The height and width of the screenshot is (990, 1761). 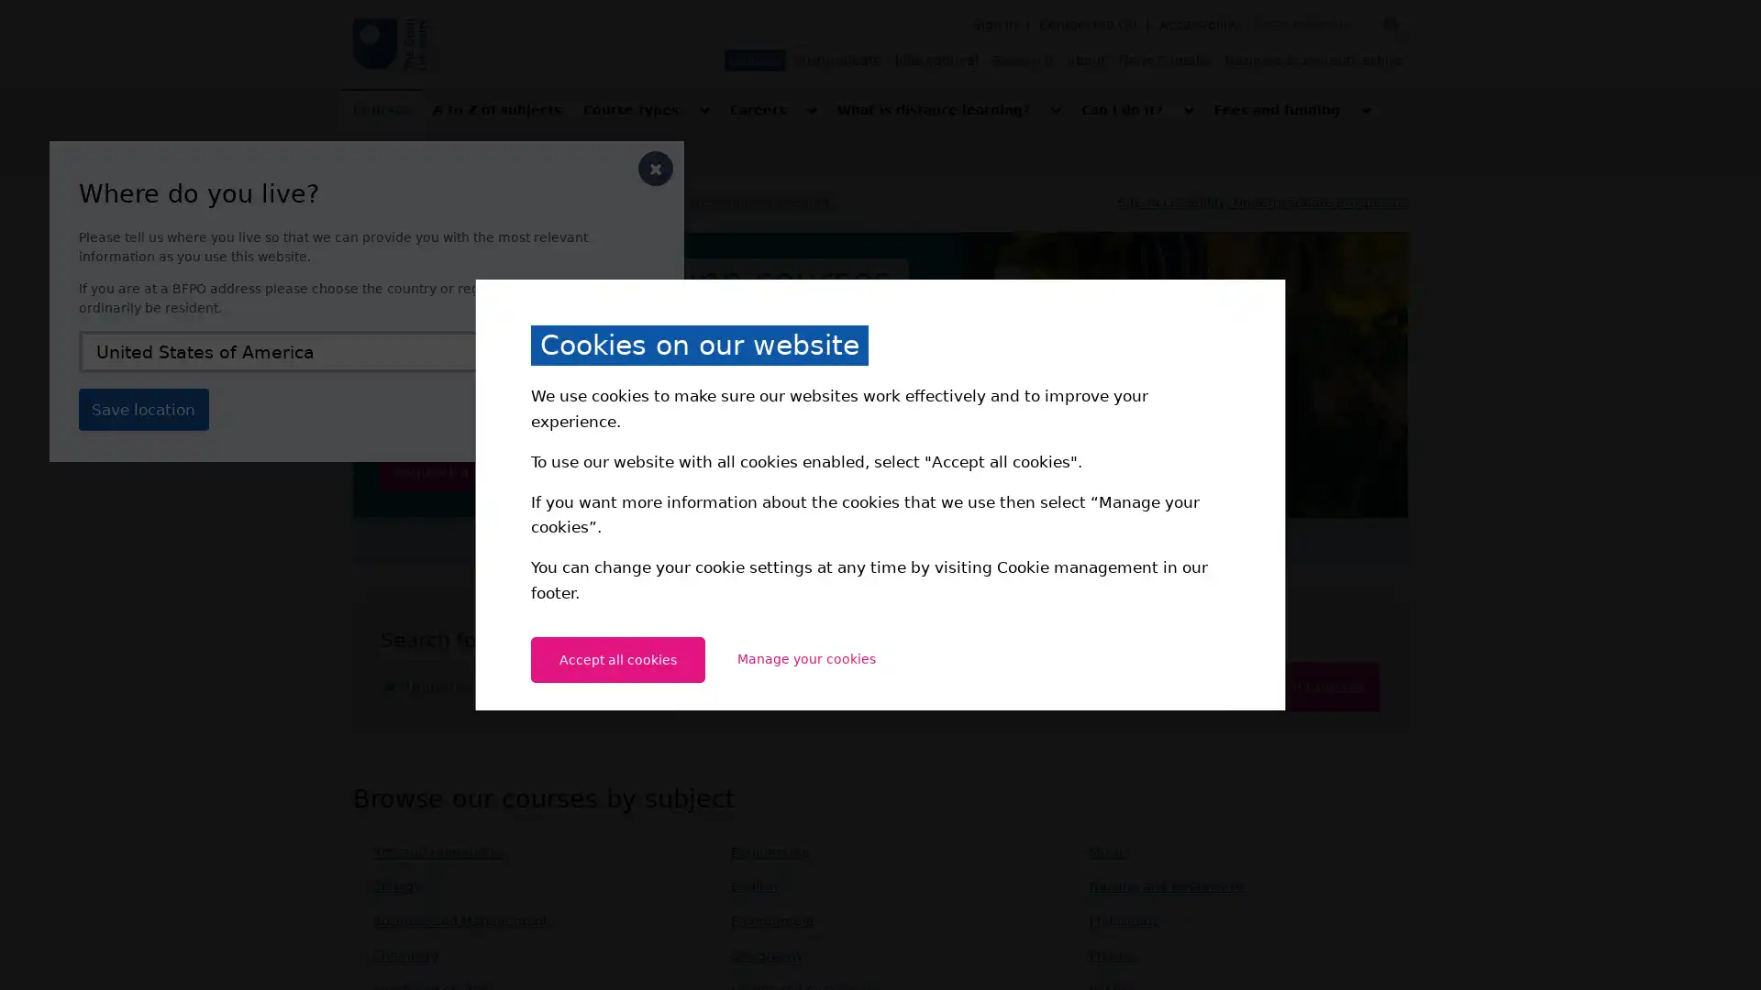 What do you see at coordinates (656, 169) in the screenshot?
I see `Close modal` at bounding box center [656, 169].